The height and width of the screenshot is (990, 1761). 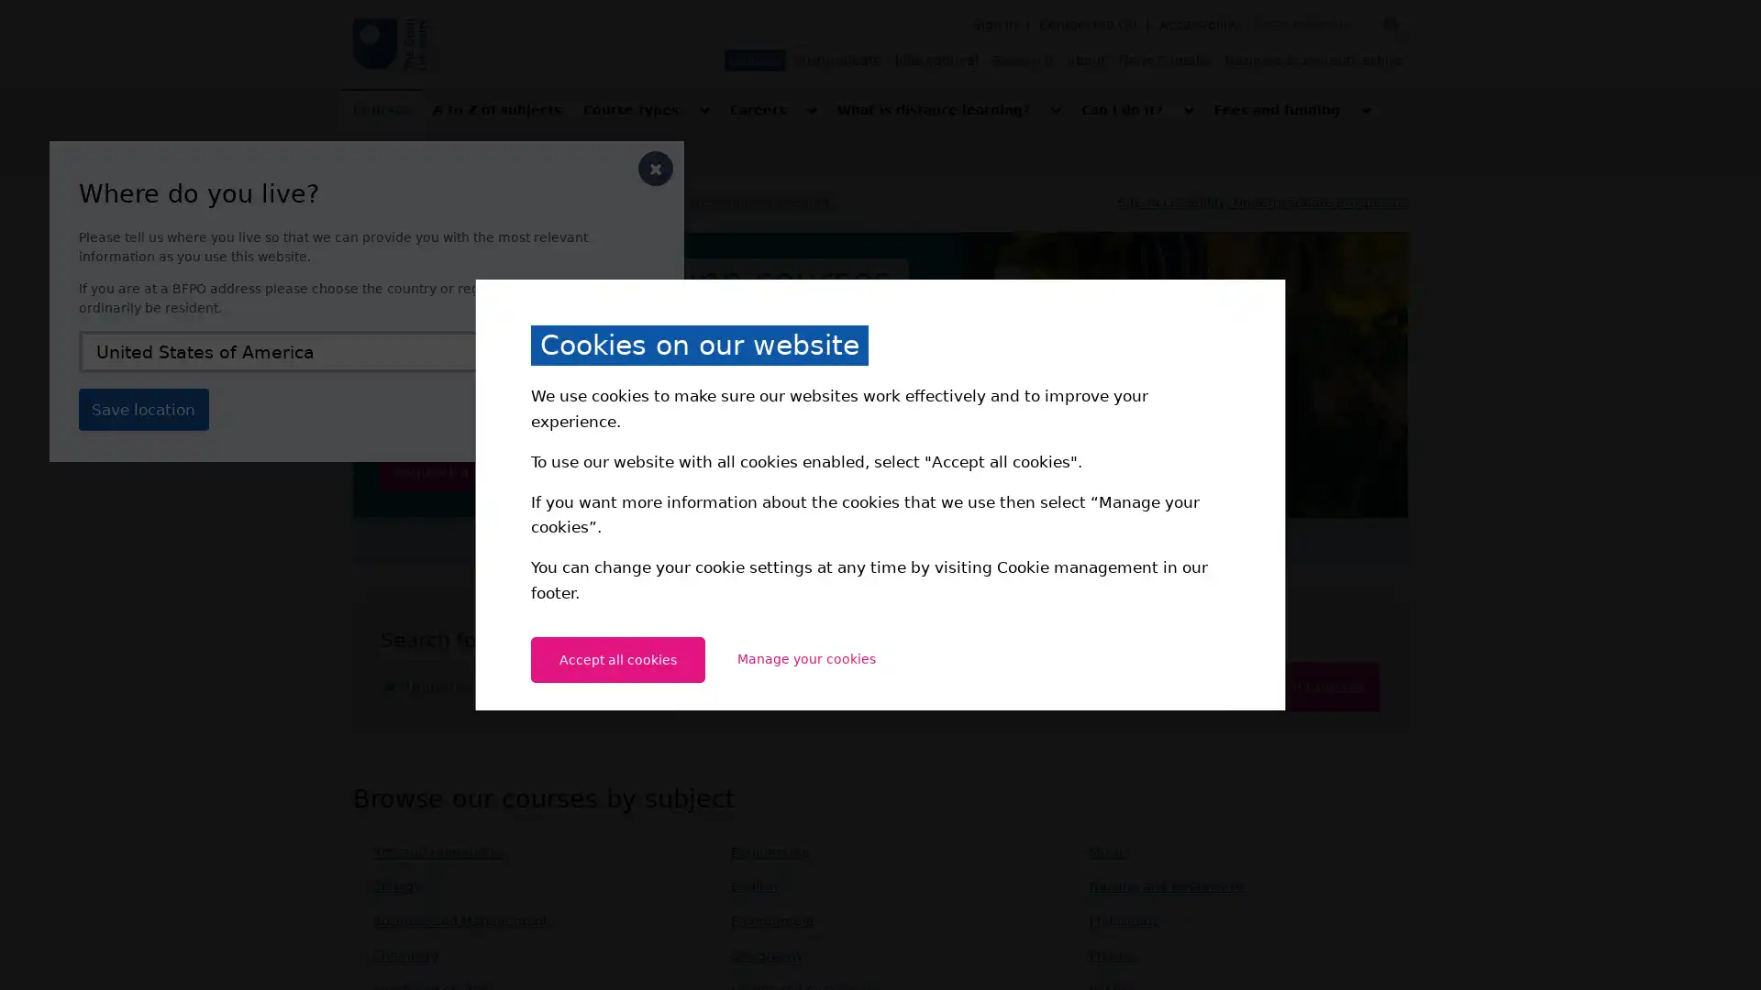 What do you see at coordinates (656, 169) in the screenshot?
I see `Close modal` at bounding box center [656, 169].